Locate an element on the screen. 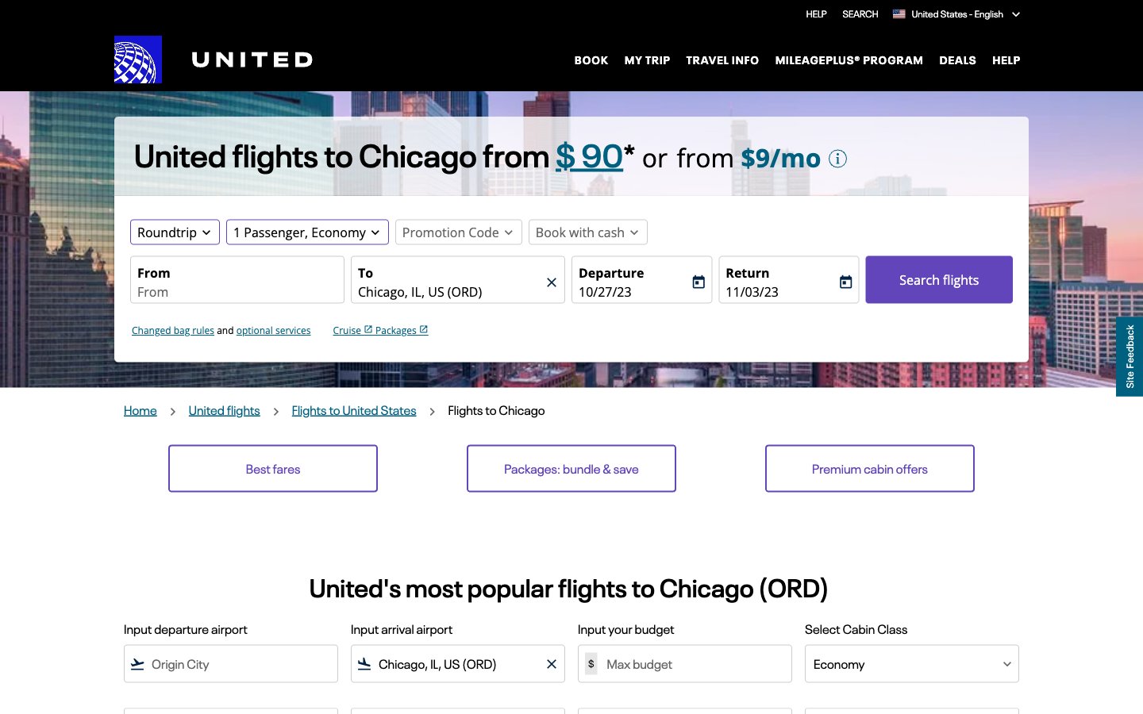  Premium Cabin Special Offers is located at coordinates (868, 468).